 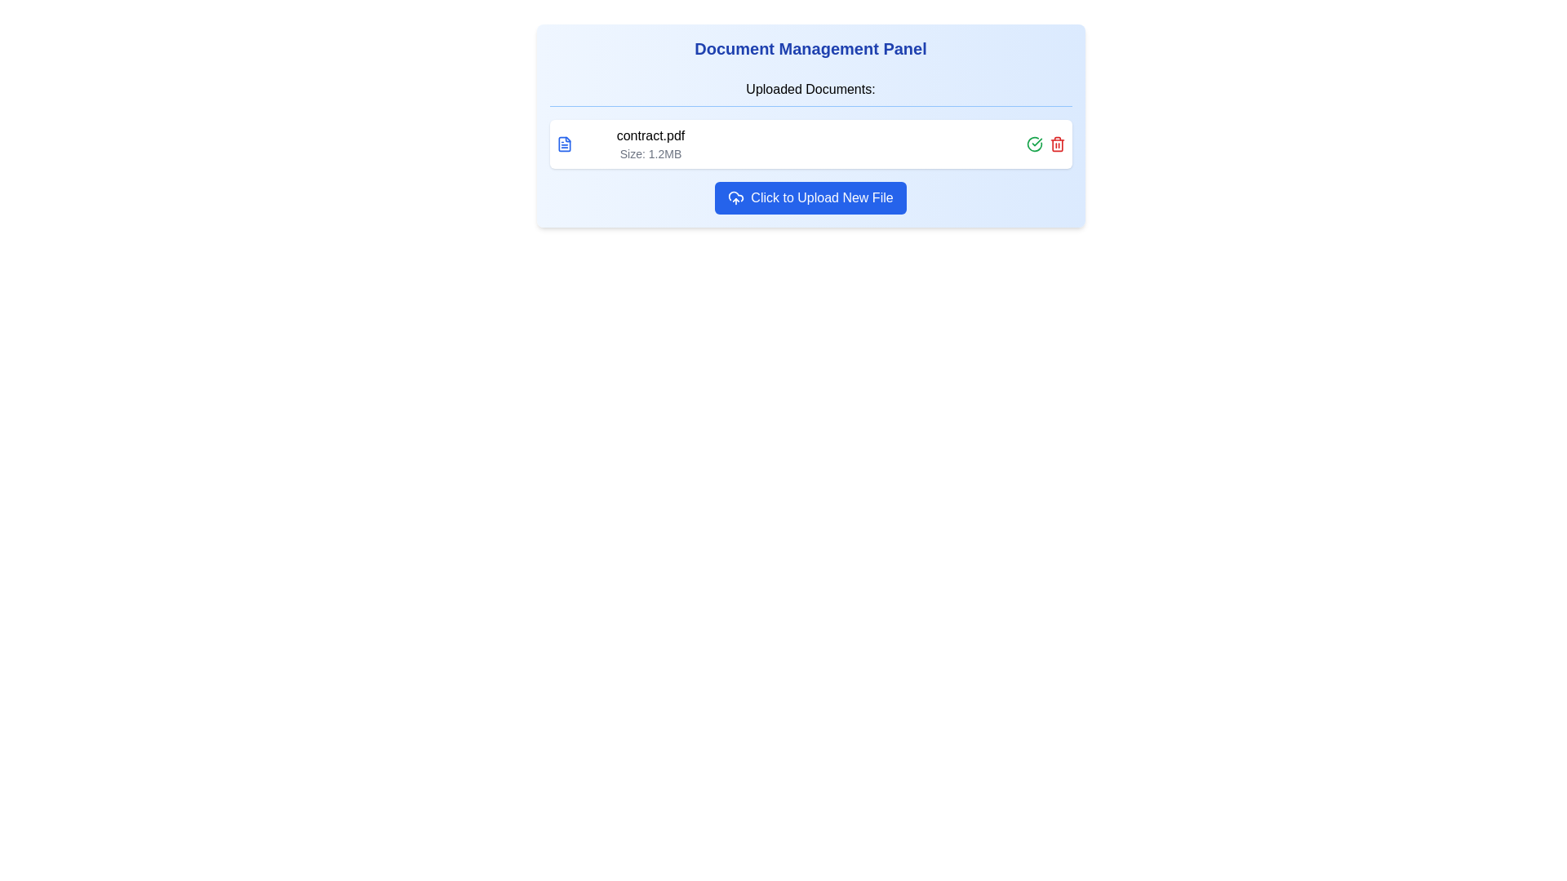 What do you see at coordinates (1045, 144) in the screenshot?
I see `the green checkmark icon in the icon group located at the top-right corner of the panel displaying document details to confirm` at bounding box center [1045, 144].